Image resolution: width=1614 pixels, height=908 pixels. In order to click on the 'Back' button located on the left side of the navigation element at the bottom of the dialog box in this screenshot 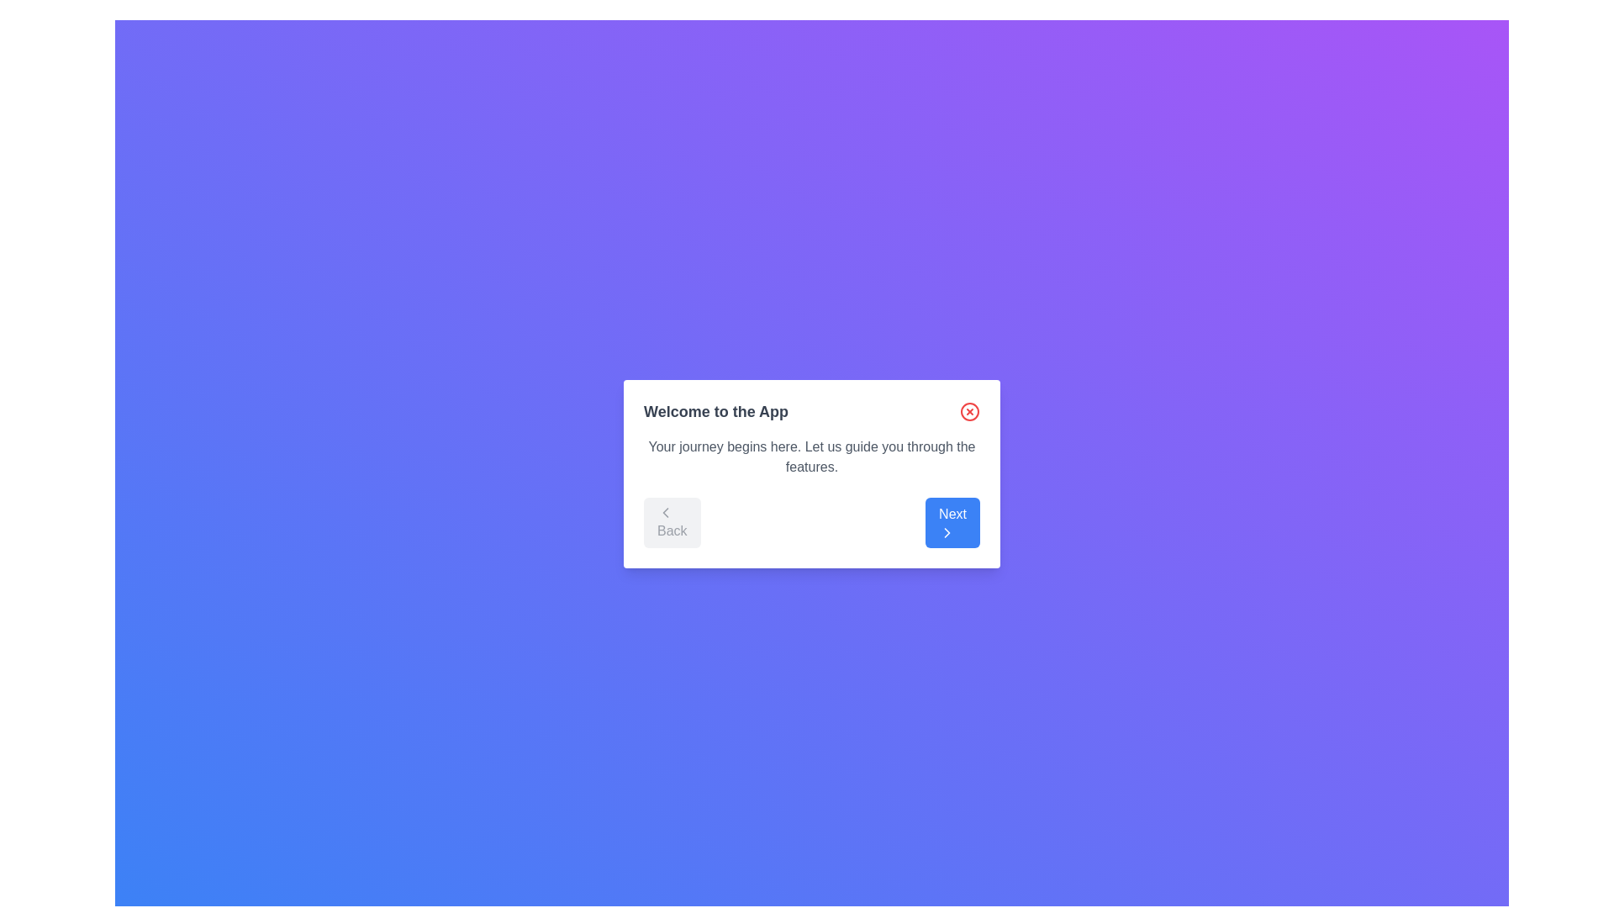, I will do `click(671, 521)`.